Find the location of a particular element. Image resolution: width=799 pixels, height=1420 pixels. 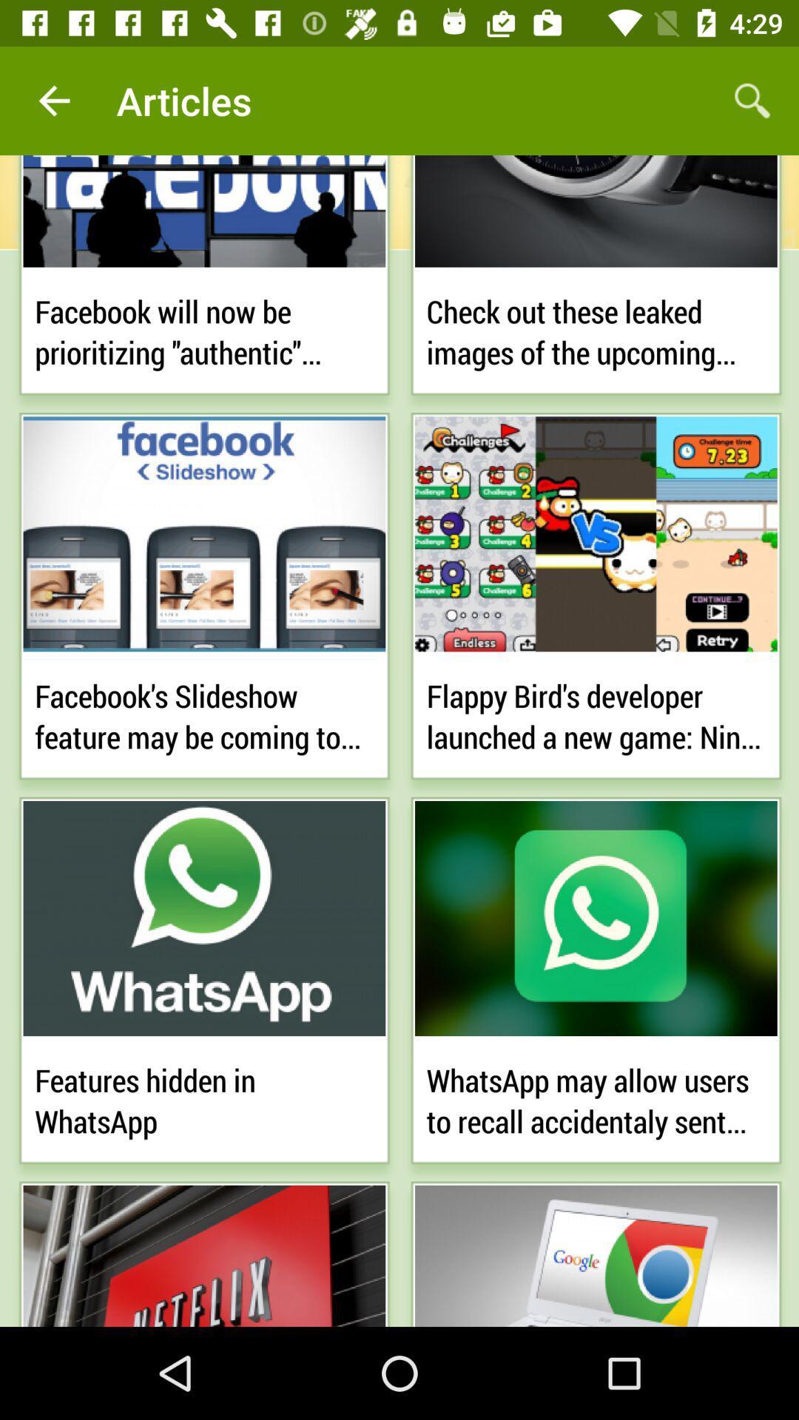

features hidden in icon is located at coordinates (204, 1098).